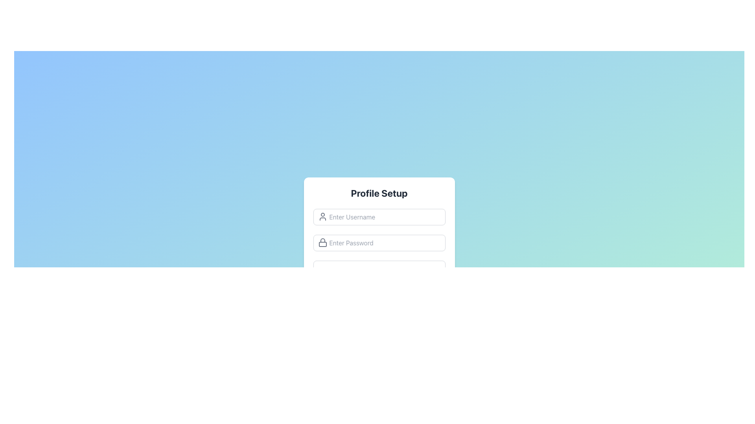  What do you see at coordinates (322, 216) in the screenshot?
I see `the user profile icon, which is a circular head and shoulders representation with a gray outline, located to the left of the 'Enter Username' text input field` at bounding box center [322, 216].